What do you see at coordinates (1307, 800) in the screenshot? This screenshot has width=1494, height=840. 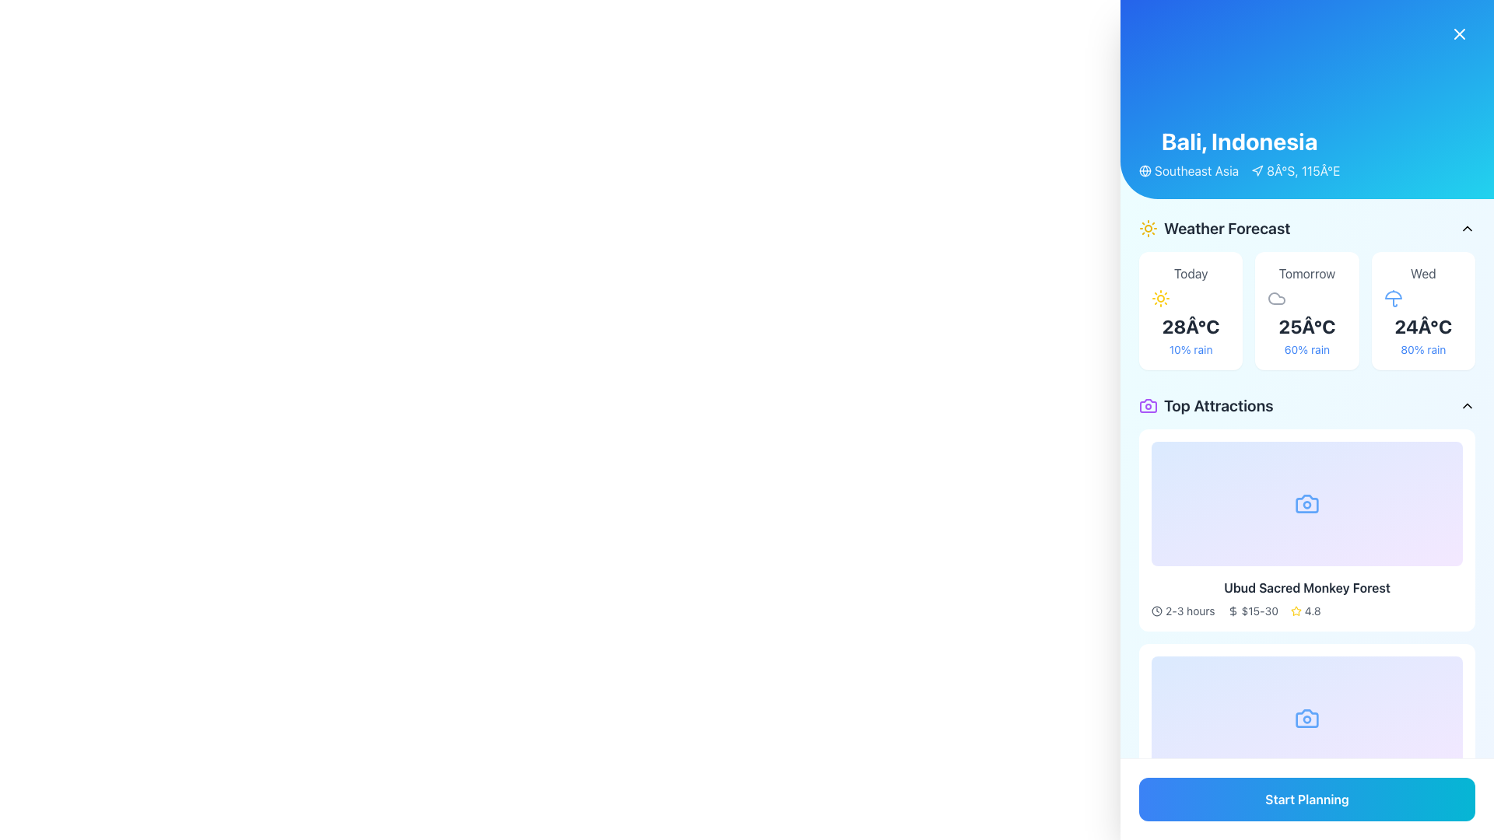 I see `the 'Start Planning' button, which is a wide rectangular button with rounded corners, featuring a gradient background from blue to cyan and white bold sans-serif text, located at the bottom right of the panel` at bounding box center [1307, 800].